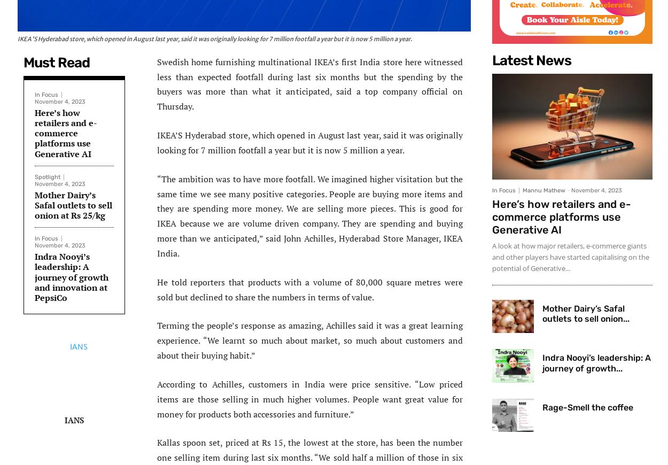 The width and height of the screenshot is (668, 465). What do you see at coordinates (309, 142) in the screenshot?
I see `'IKEA’S Hyderabad store, which opened in August last year, said it was originally looking for 7 million footfall a year but it is now 5 million a year.'` at bounding box center [309, 142].